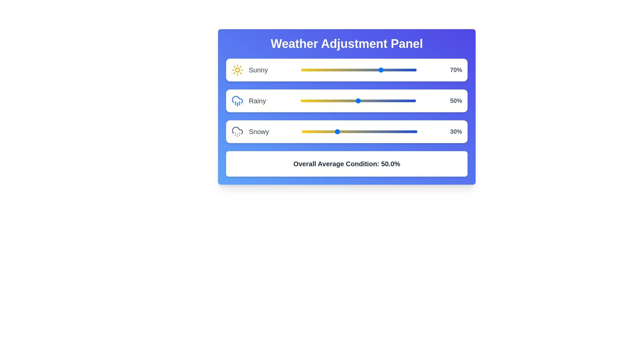  I want to click on the Interactive weather adjustment panel, so click(346, 107).